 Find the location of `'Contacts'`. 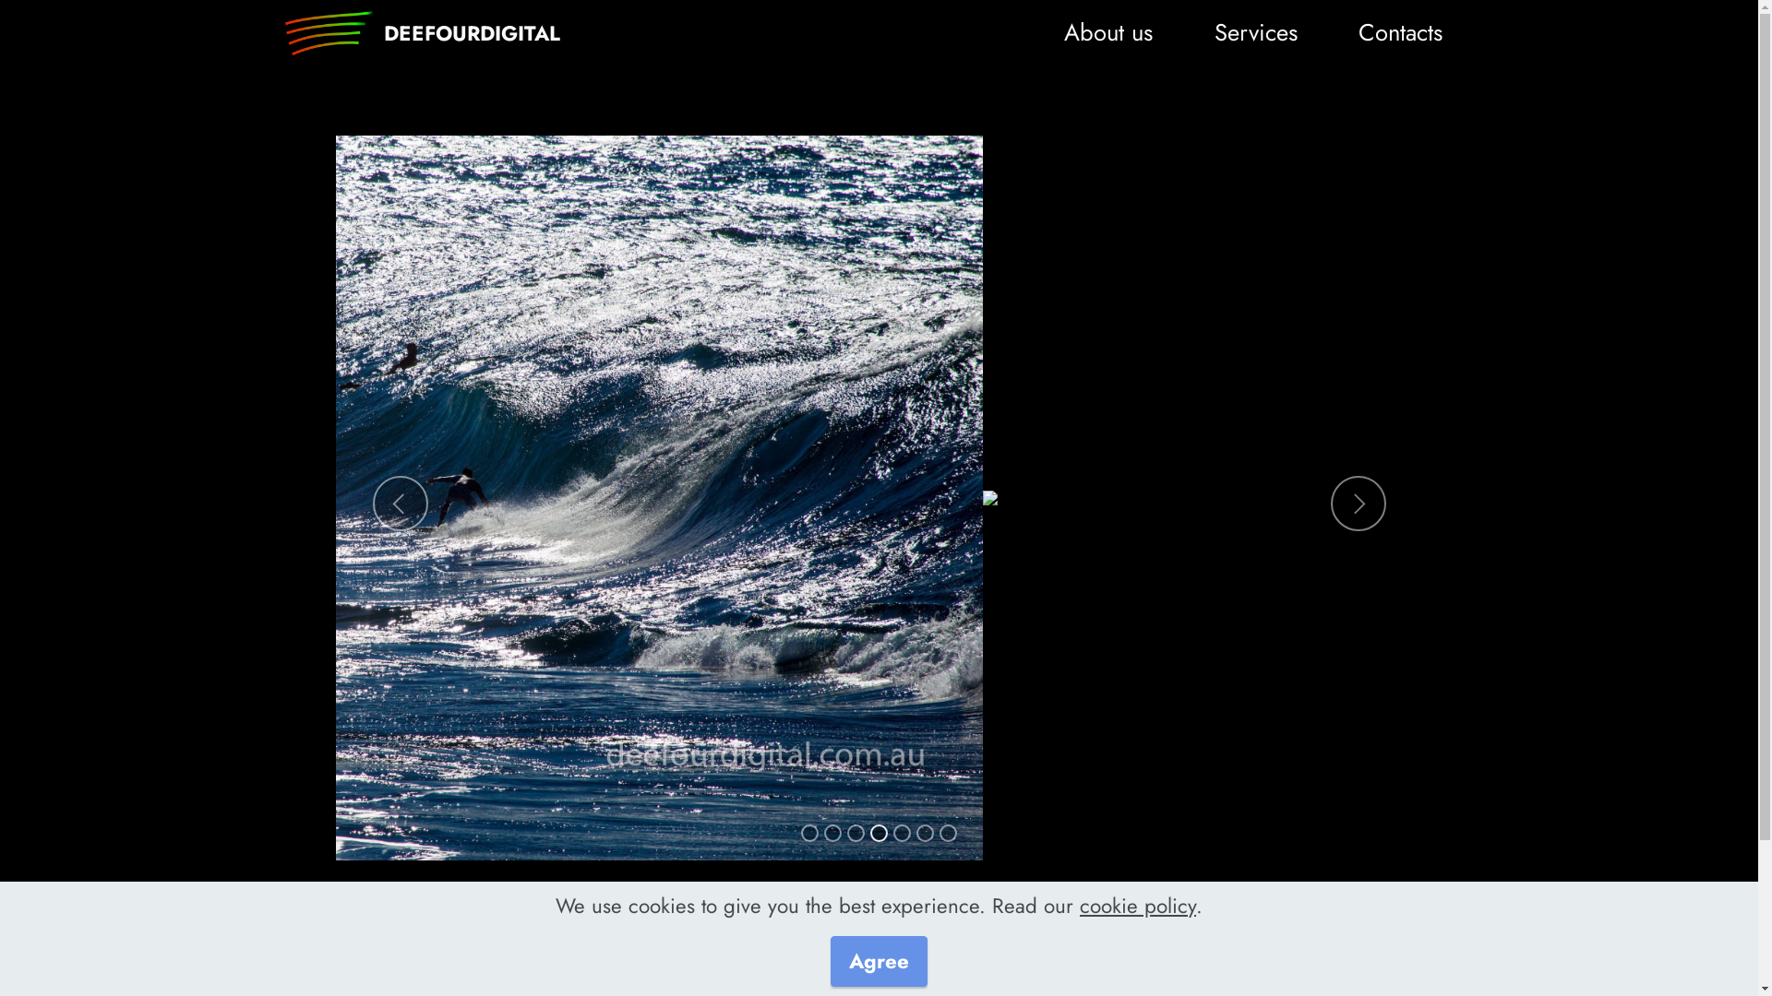

'Contacts' is located at coordinates (1400, 32).